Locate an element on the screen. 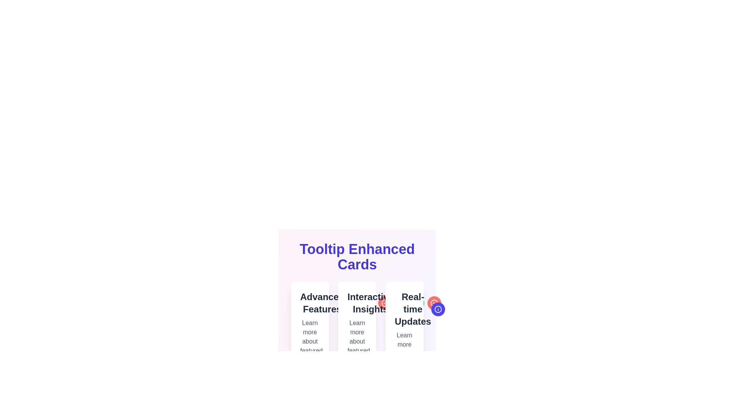 The image size is (738, 415). the third circular button in a horizontal arrangement of three buttons located at the bottom-right side of the interface is located at coordinates (385, 303).